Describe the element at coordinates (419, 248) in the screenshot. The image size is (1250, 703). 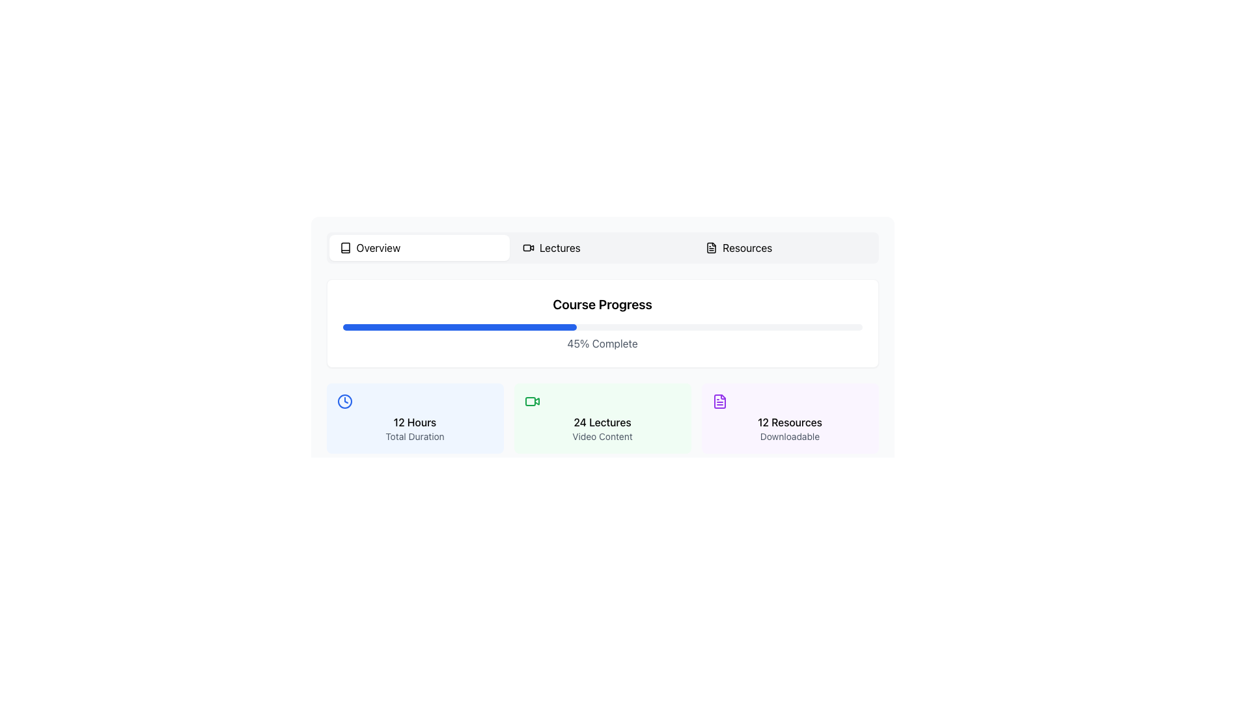
I see `the 'Overview' button, which is the first button in a horizontal button group` at that location.